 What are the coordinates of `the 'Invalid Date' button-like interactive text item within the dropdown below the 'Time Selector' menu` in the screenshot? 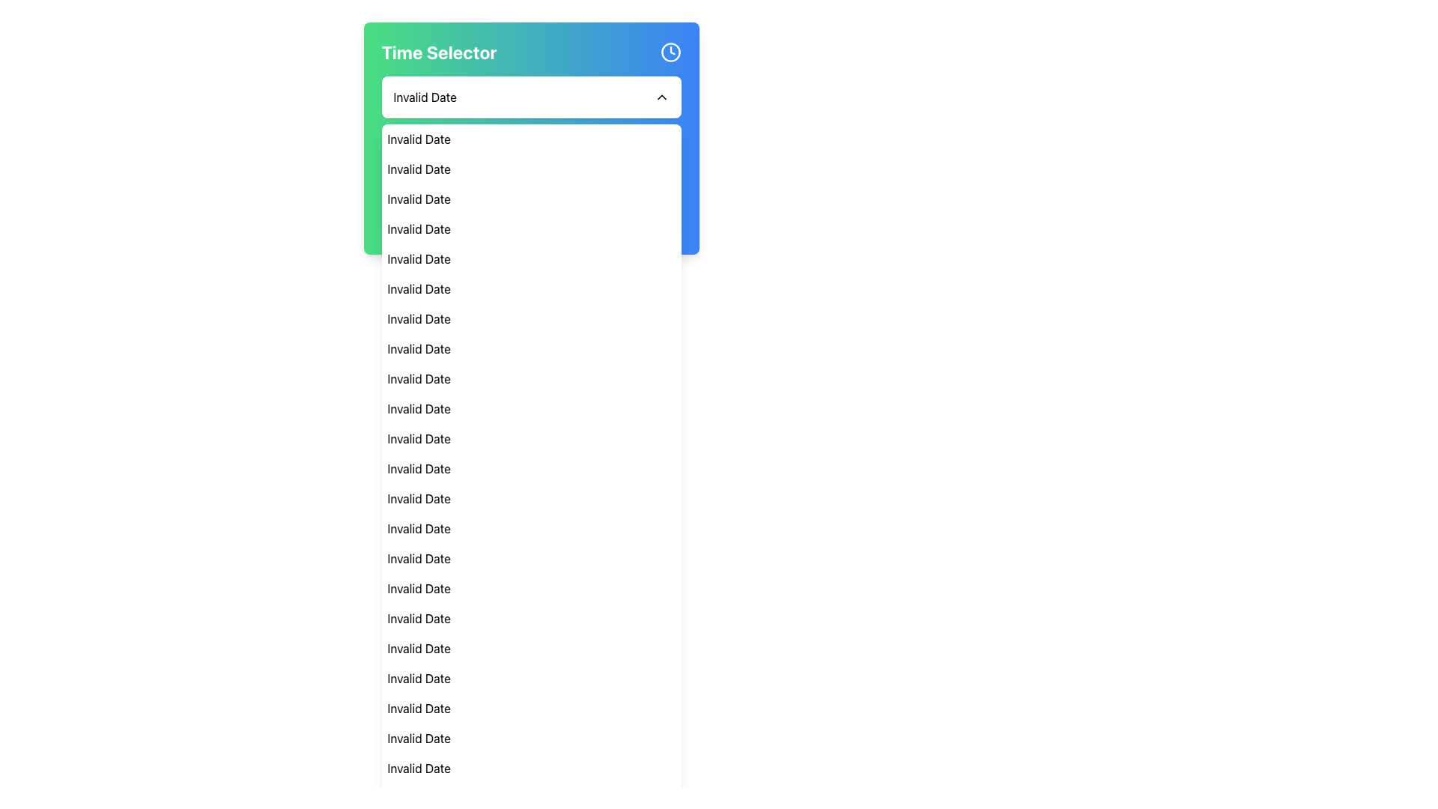 It's located at (437, 199).